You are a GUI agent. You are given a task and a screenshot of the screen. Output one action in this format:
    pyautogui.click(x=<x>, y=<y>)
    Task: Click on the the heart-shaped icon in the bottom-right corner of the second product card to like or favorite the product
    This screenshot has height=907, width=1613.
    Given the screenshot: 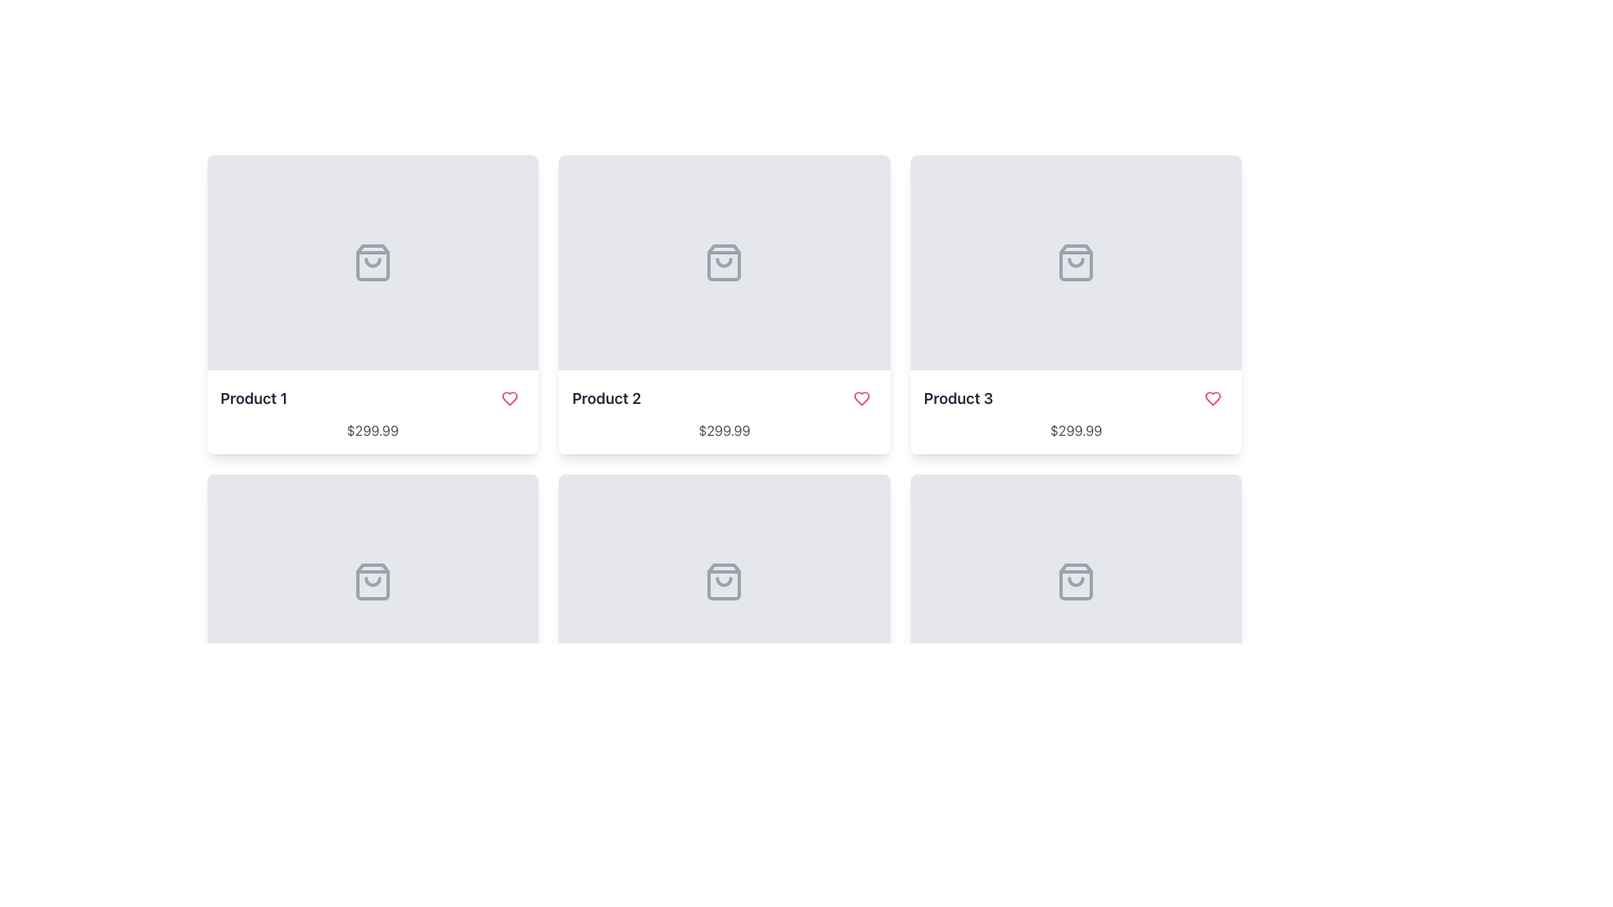 What is the action you would take?
    pyautogui.click(x=509, y=398)
    